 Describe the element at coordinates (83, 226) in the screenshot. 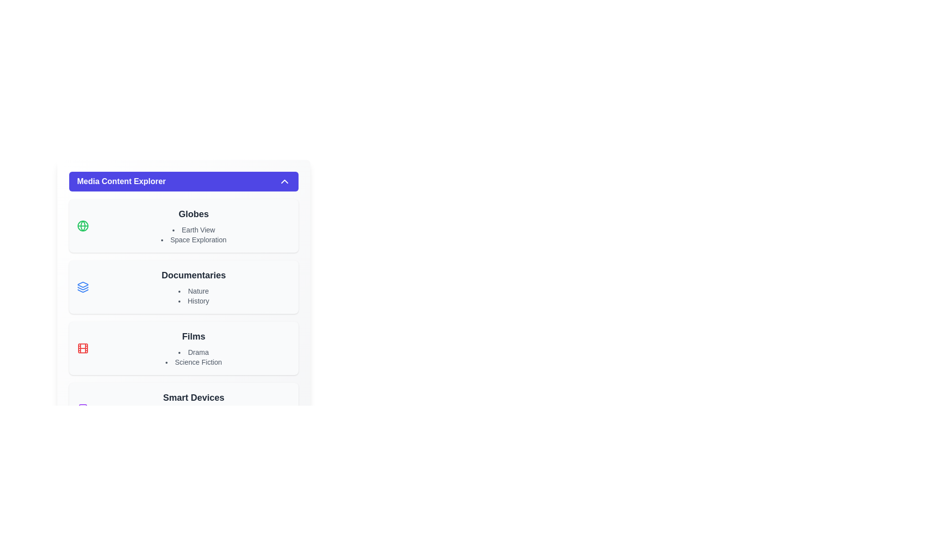

I see `the icon representing the 'Globes' section` at that location.